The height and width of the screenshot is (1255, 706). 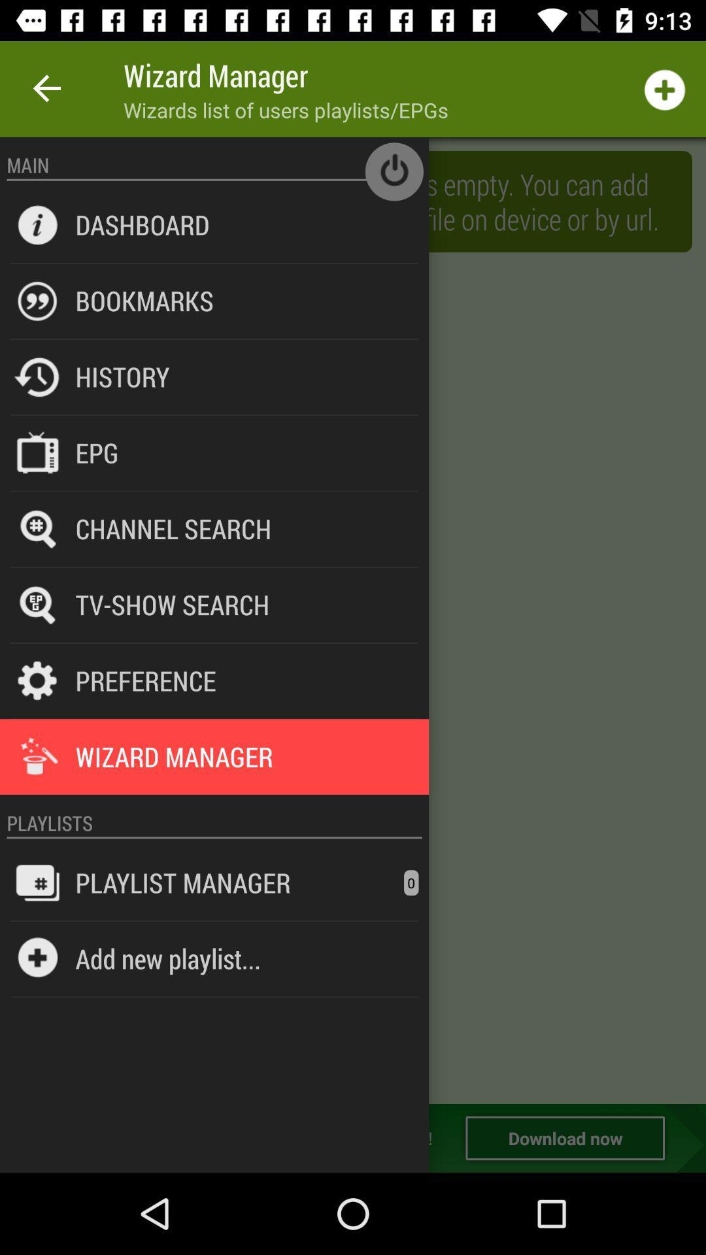 What do you see at coordinates (37, 529) in the screenshot?
I see `the icon beside the channel search` at bounding box center [37, 529].